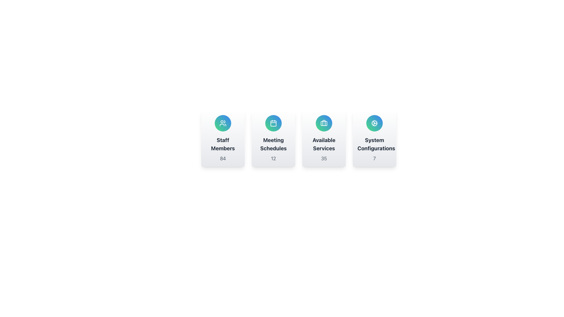 The image size is (564, 317). What do you see at coordinates (222, 123) in the screenshot?
I see `the first circular Icon button with a gradient design from blue to green, featuring a white user group icon centered inside, located at the top of the panel associated with 'Staff Members'` at bounding box center [222, 123].